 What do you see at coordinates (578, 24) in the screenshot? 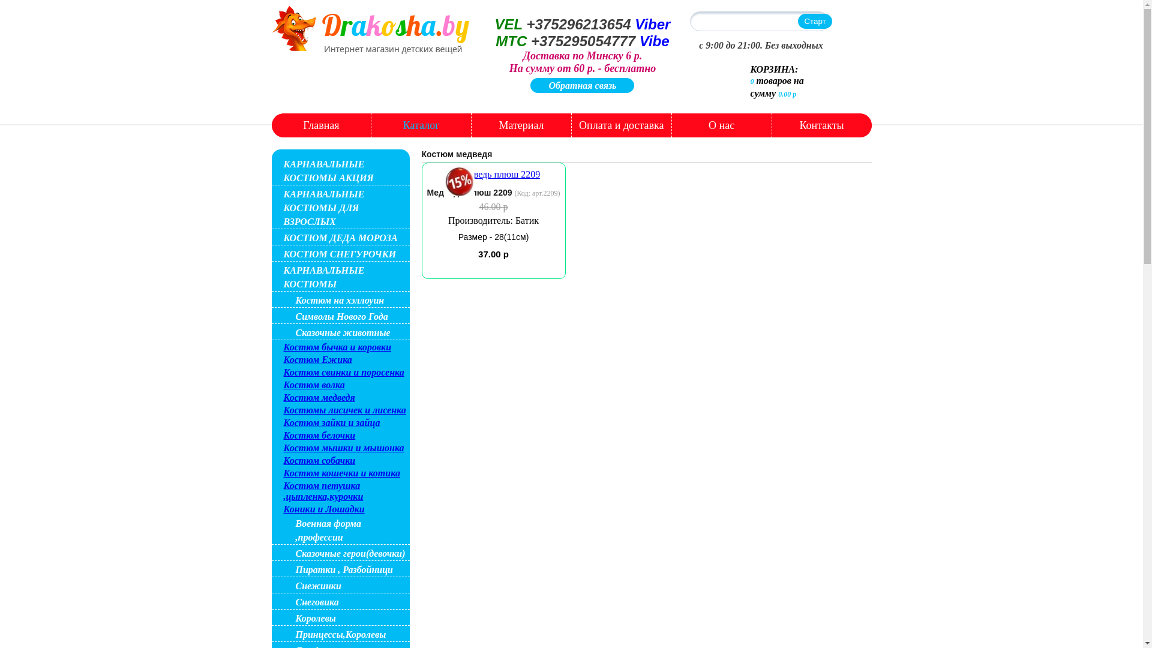
I see `'+375296213654'` at bounding box center [578, 24].